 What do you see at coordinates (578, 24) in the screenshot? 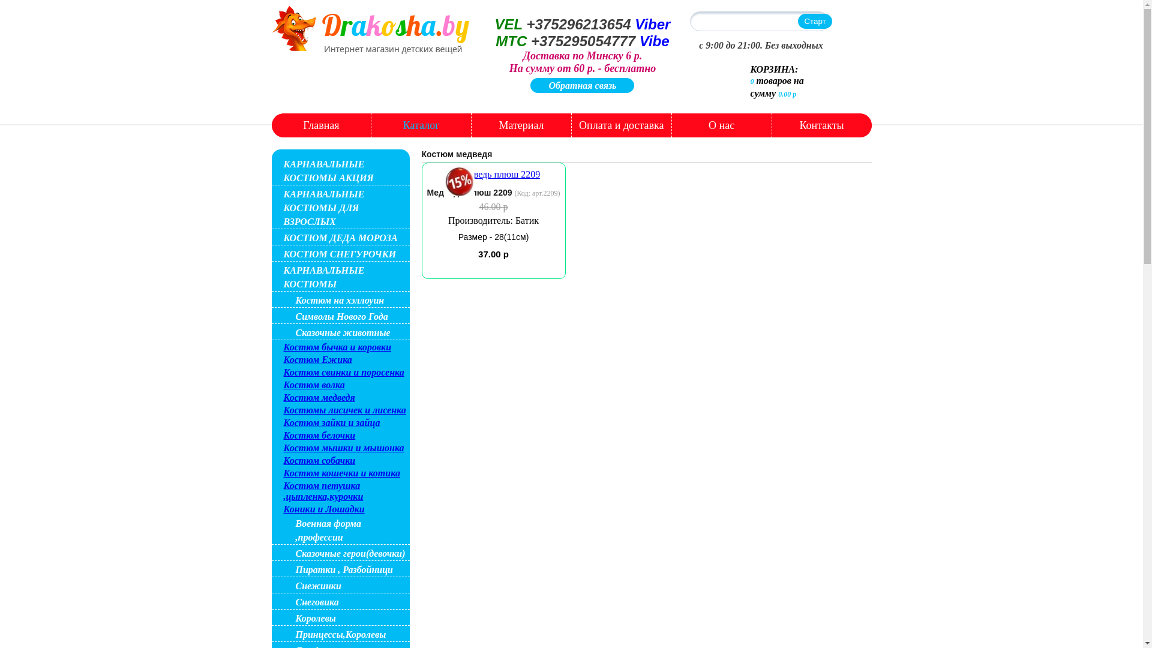
I see `'+375296213654'` at bounding box center [578, 24].